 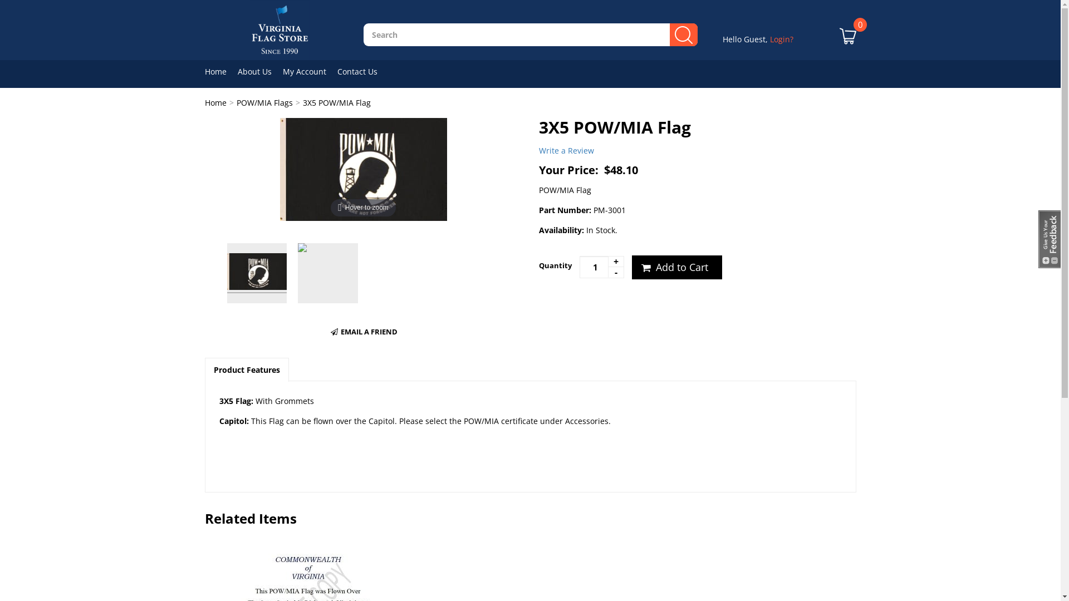 What do you see at coordinates (363, 331) in the screenshot?
I see `'EMAIL A FRIEND'` at bounding box center [363, 331].